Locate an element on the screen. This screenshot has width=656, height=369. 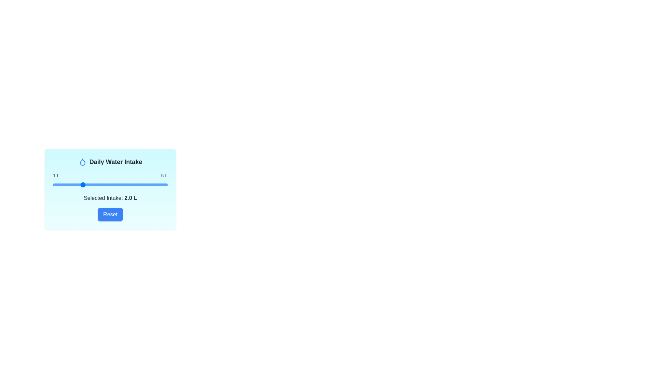
the water intake slider to 2 liters is located at coordinates (82, 184).